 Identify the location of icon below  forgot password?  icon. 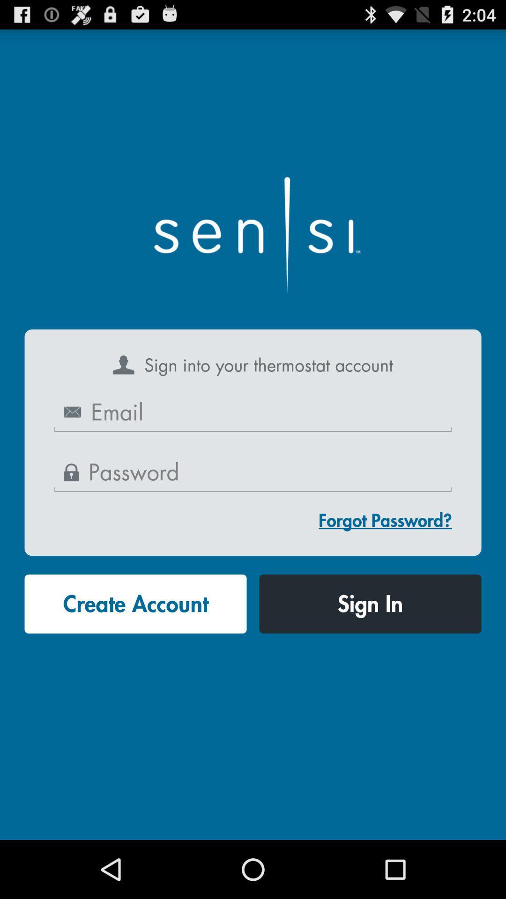
(370, 604).